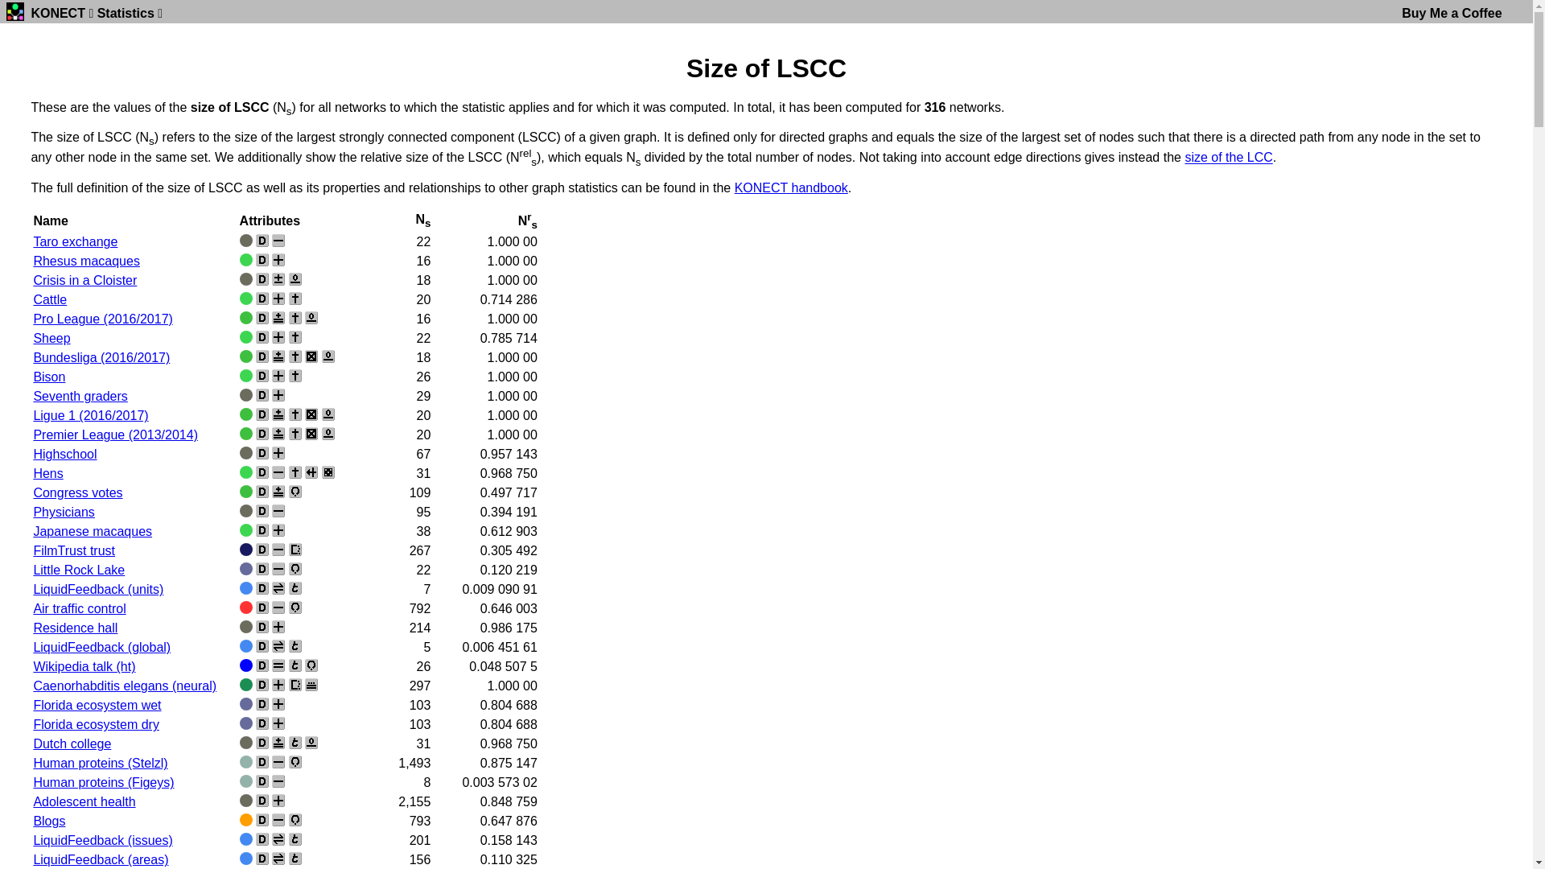  I want to click on 'Adolescent health', so click(83, 801).